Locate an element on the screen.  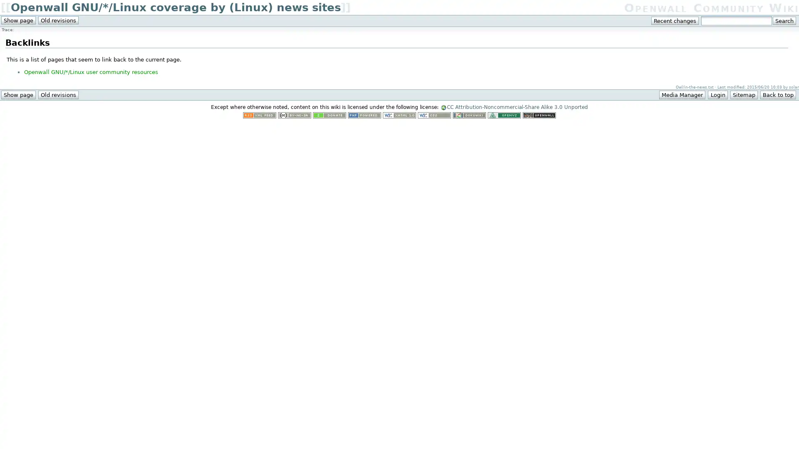
Search is located at coordinates (784, 20).